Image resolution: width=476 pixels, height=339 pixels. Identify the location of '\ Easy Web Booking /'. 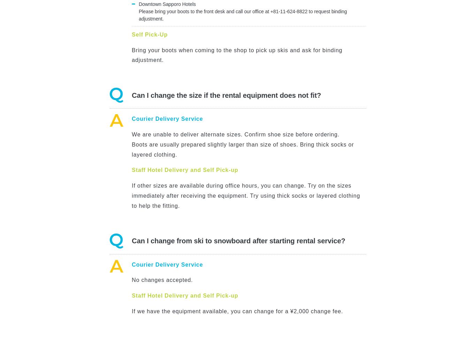
(237, 193).